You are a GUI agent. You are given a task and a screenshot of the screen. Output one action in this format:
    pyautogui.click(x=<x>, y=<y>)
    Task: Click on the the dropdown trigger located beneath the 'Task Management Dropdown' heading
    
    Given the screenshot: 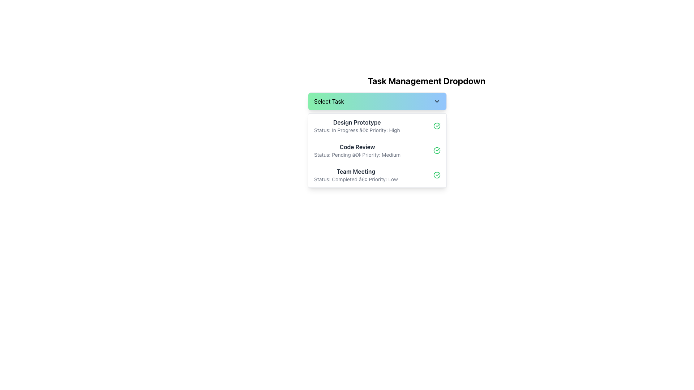 What is the action you would take?
    pyautogui.click(x=427, y=92)
    